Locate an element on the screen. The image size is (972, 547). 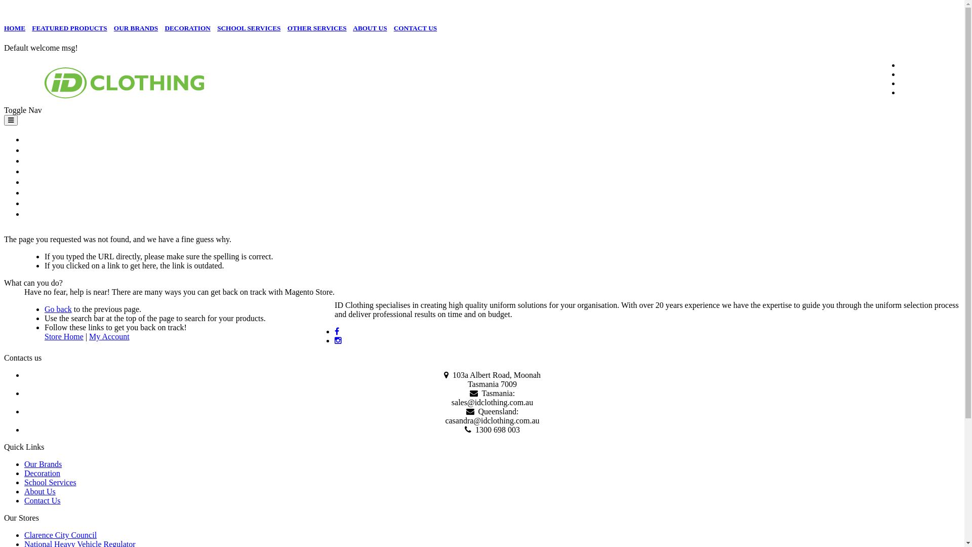
'Our Brands' is located at coordinates (43, 464).